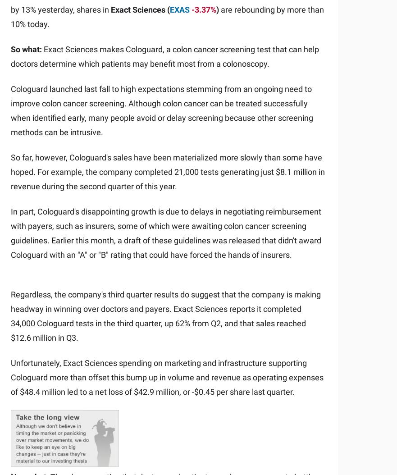 The image size is (397, 475). I want to click on 'Rule Your Retirement', so click(121, 259).